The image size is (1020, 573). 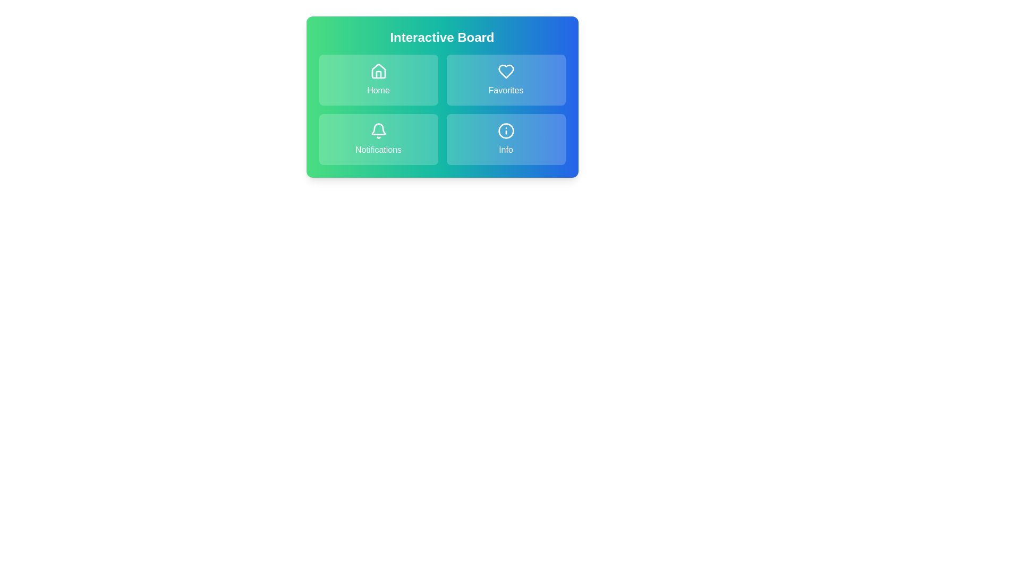 What do you see at coordinates (505, 130) in the screenshot?
I see `the circular icon with an 'i' symbol, located in the 'Info' section of the interface, which is centered above the 'Info' text` at bounding box center [505, 130].